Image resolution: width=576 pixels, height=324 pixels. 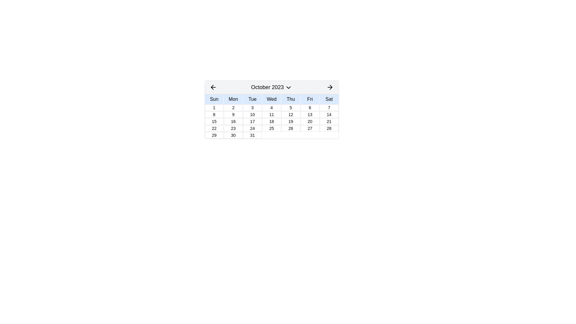 I want to click on the calendar cell that contains the text '17', which is located in the third cell of the fifth row, corresponding to Tuesday, October 17th, so click(x=252, y=121).